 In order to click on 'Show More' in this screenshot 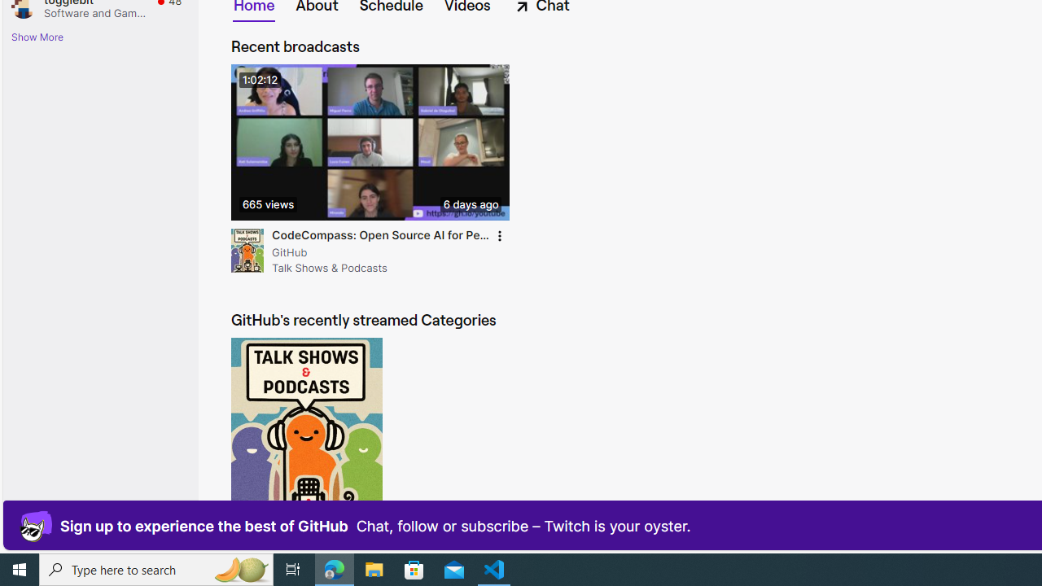, I will do `click(37, 37)`.